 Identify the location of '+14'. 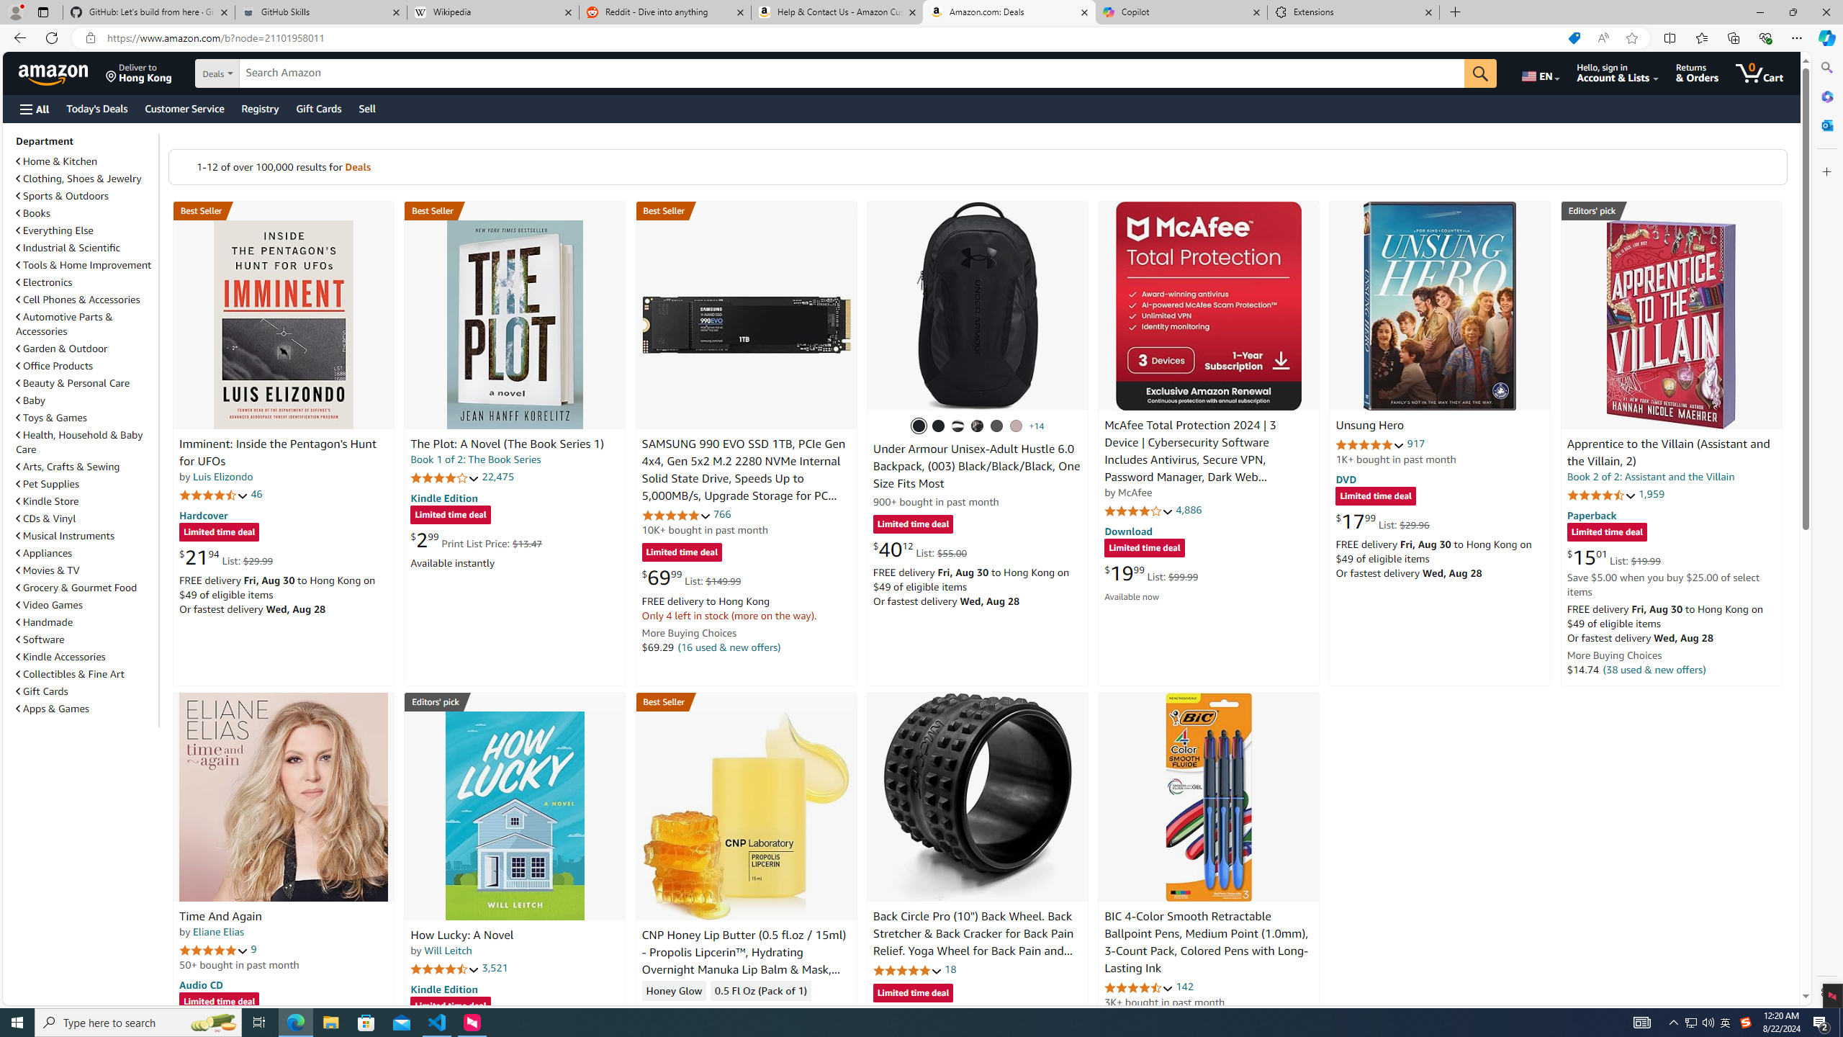
(1036, 425).